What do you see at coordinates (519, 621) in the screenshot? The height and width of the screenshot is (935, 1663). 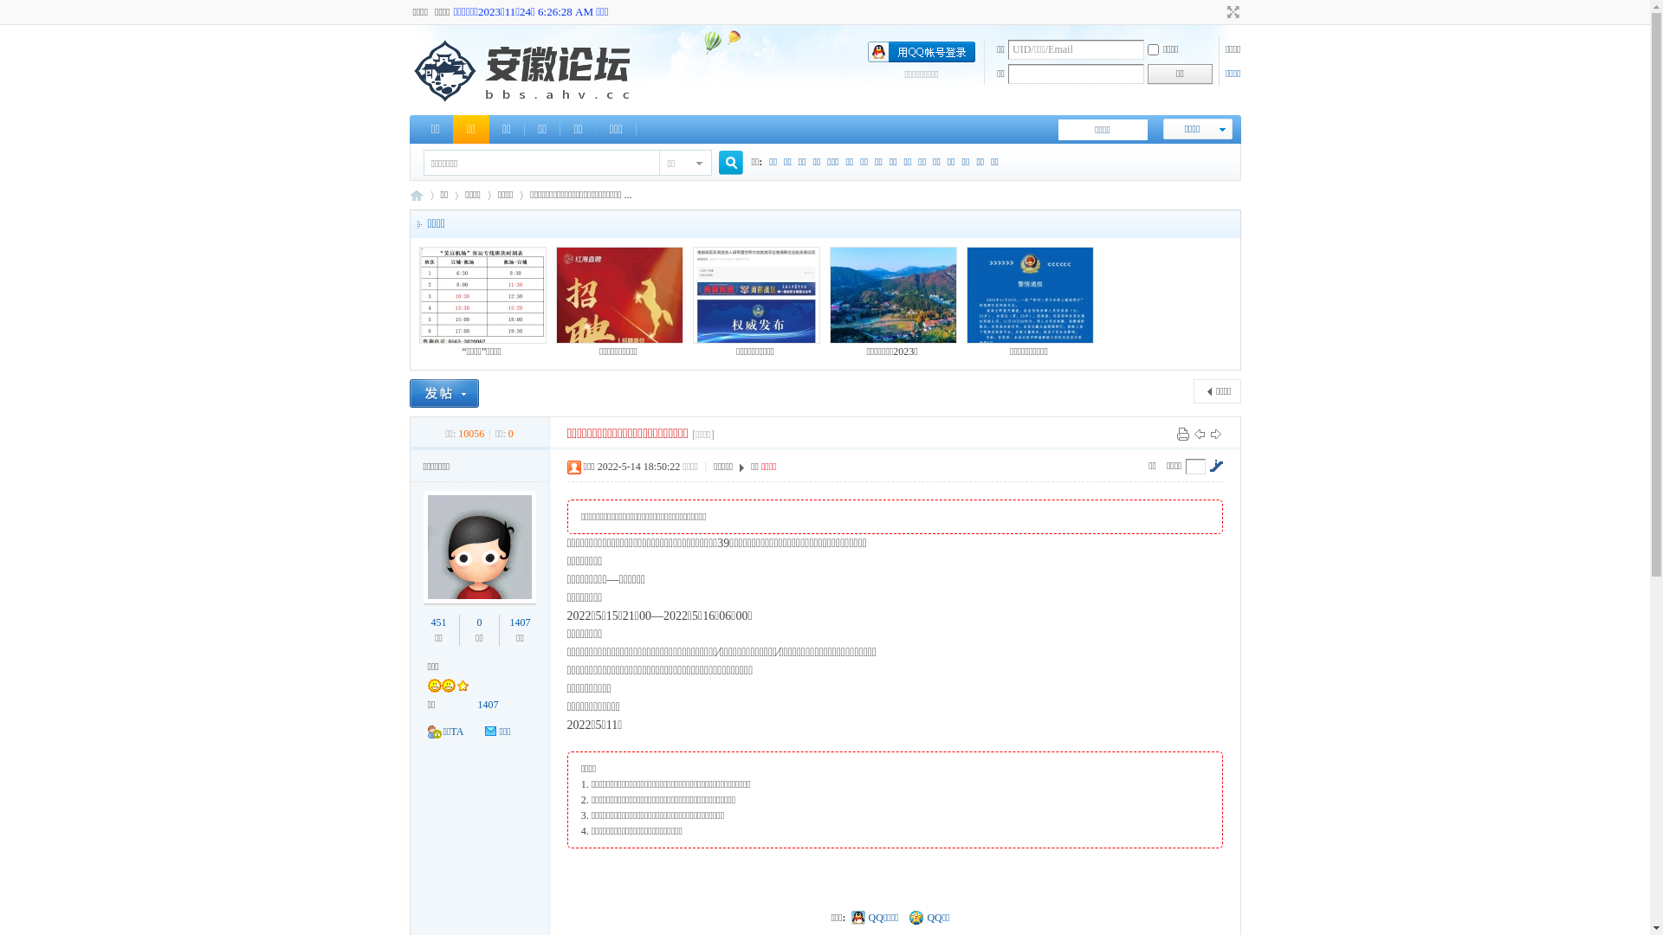 I see `'1407'` at bounding box center [519, 621].